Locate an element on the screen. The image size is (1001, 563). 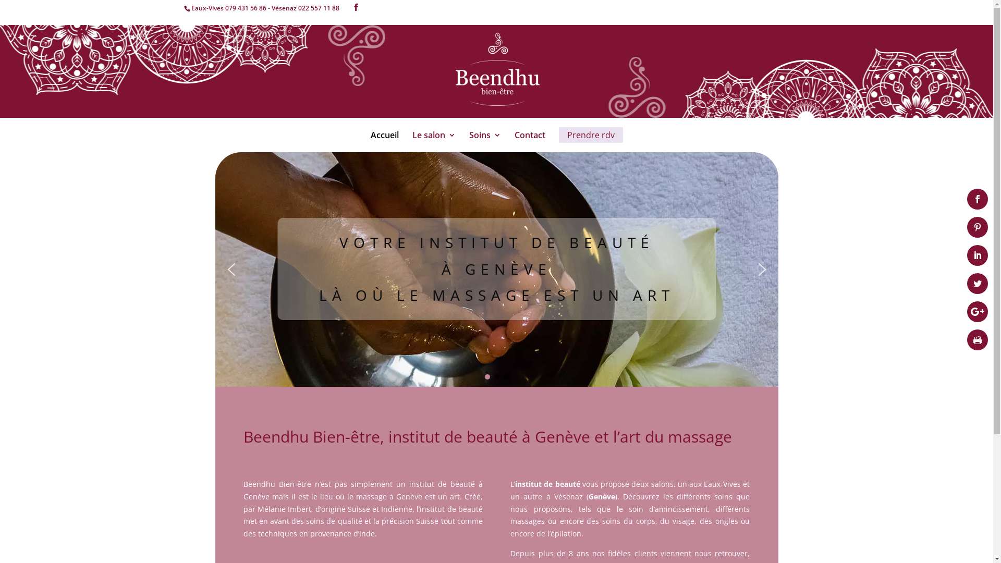
'Accueil' is located at coordinates (384, 142).